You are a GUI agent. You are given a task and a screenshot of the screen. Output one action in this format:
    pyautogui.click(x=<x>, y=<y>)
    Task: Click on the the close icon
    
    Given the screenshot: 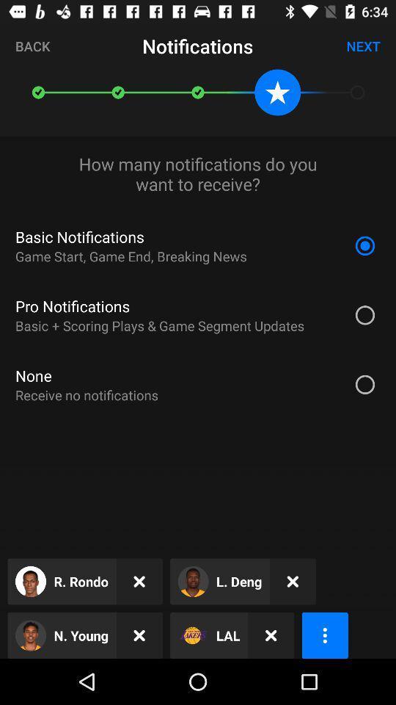 What is the action you would take?
    pyautogui.click(x=293, y=582)
    